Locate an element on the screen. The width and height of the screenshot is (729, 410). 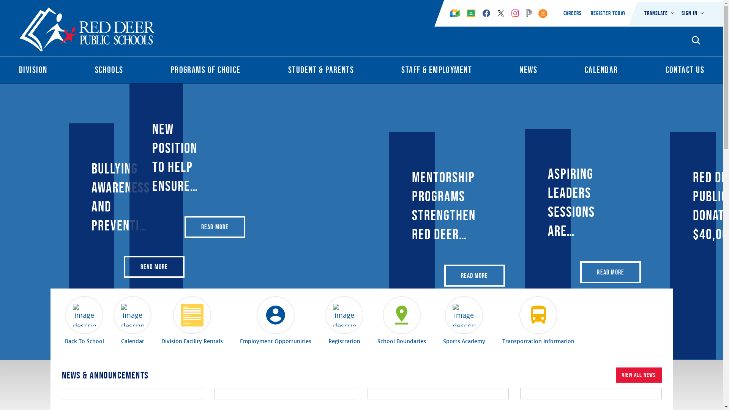
'Transportation Information' is located at coordinates (537, 320).